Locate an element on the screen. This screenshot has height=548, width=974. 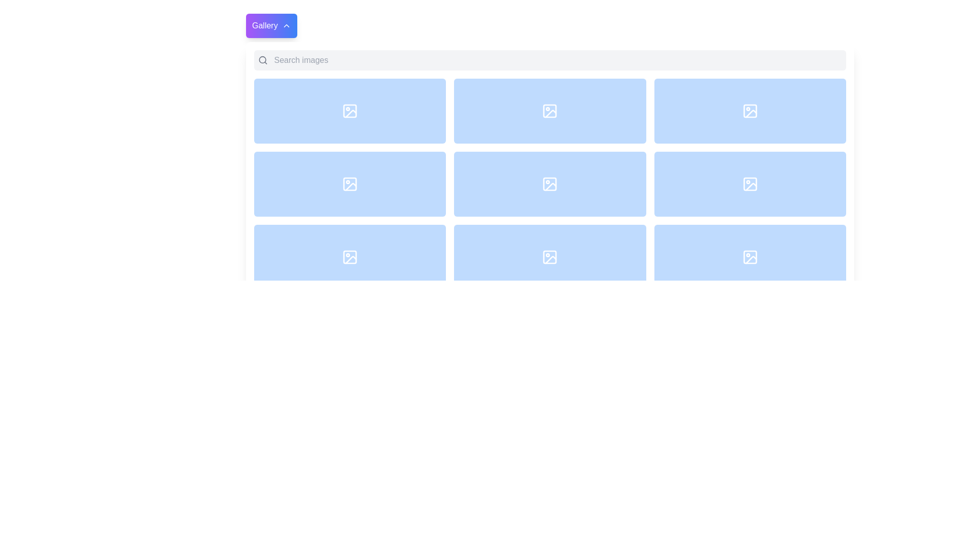
the square with rounded corners located within the icon on the second row, third column of the grid layout is located at coordinates (549, 111).